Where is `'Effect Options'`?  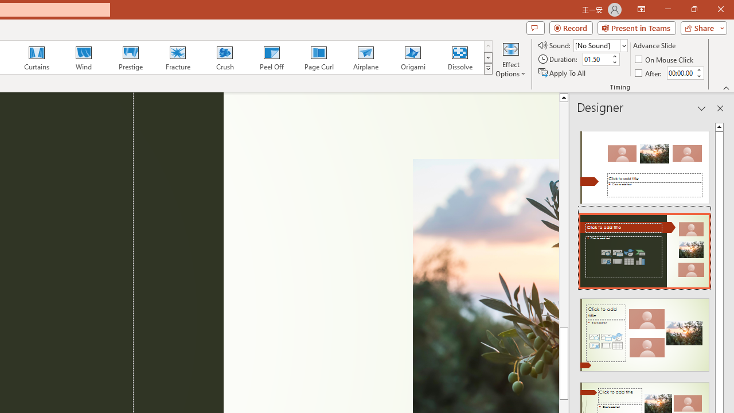 'Effect Options' is located at coordinates (510, 59).